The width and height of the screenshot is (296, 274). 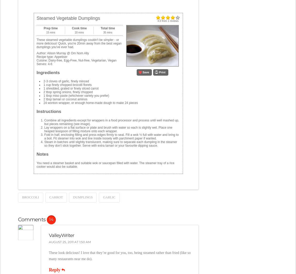 What do you see at coordinates (108, 129) in the screenshot?
I see `'Lay wrappers on a flat surface or plate and brush with water so each is slightly wet. Place one heaped teaspoon of filling mixture onto each wrapper.'` at bounding box center [108, 129].